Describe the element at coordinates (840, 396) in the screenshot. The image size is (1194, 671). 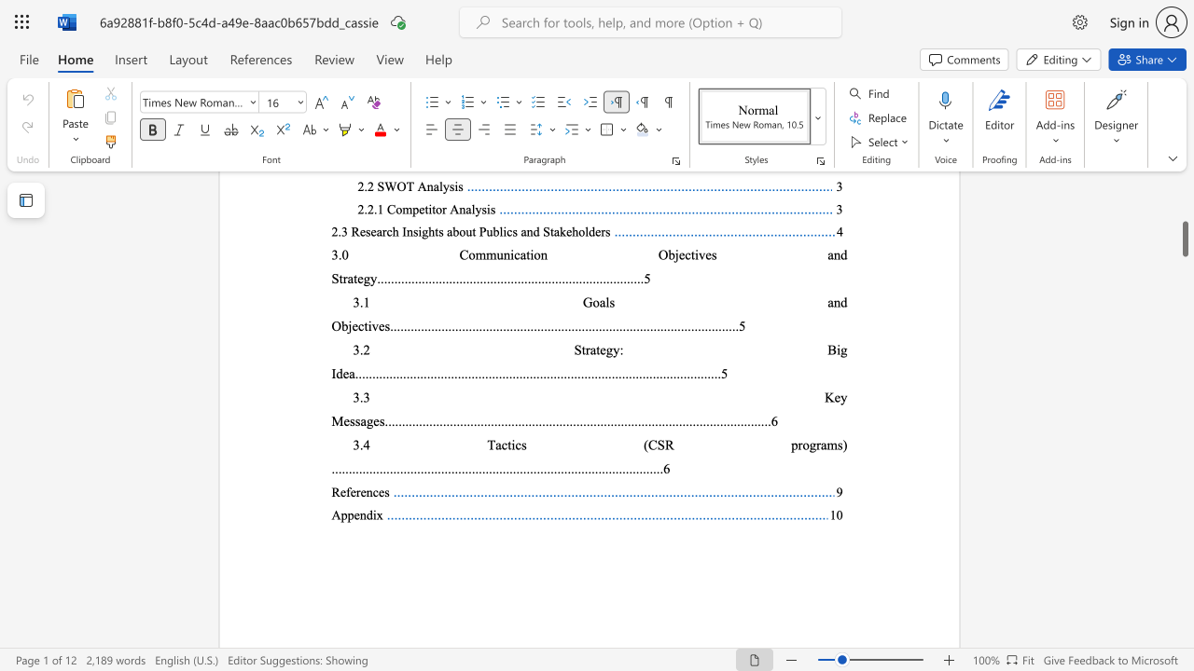
I see `the subset text "y Mess" within the text "3.3 Key Messages"` at that location.